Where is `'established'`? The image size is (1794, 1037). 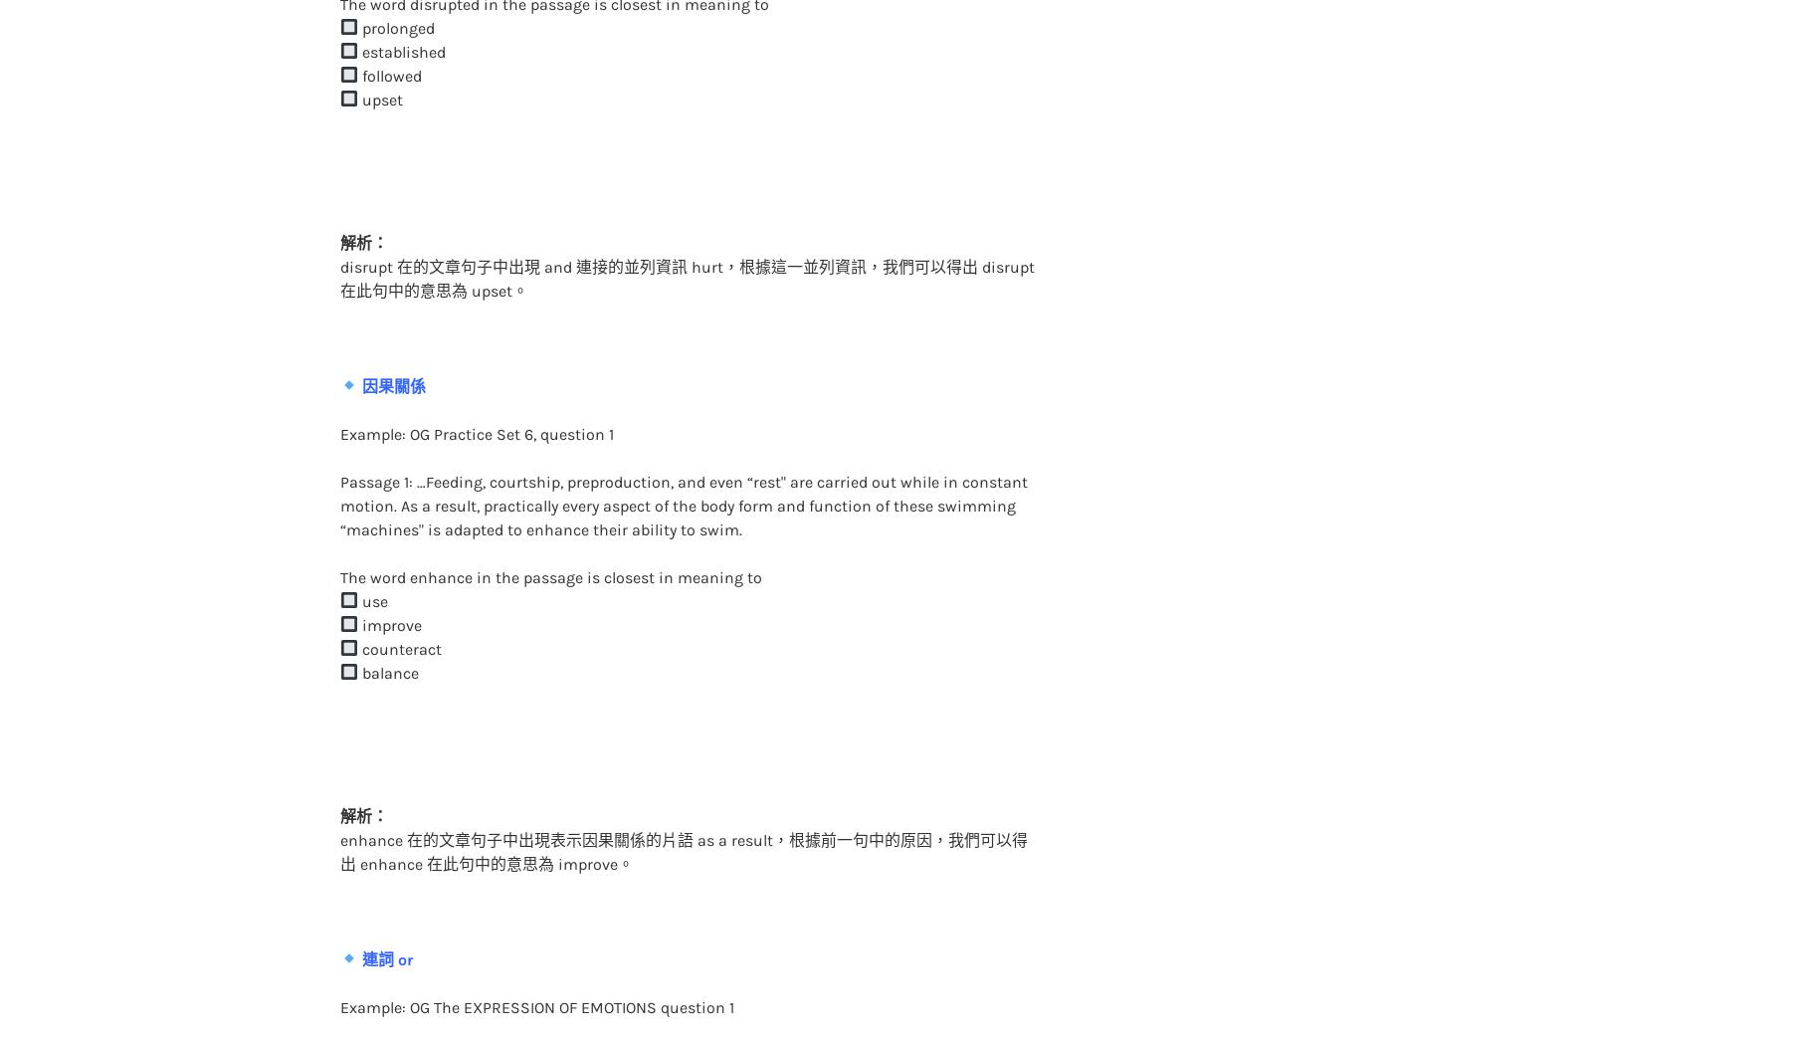
'established' is located at coordinates (355, 10).